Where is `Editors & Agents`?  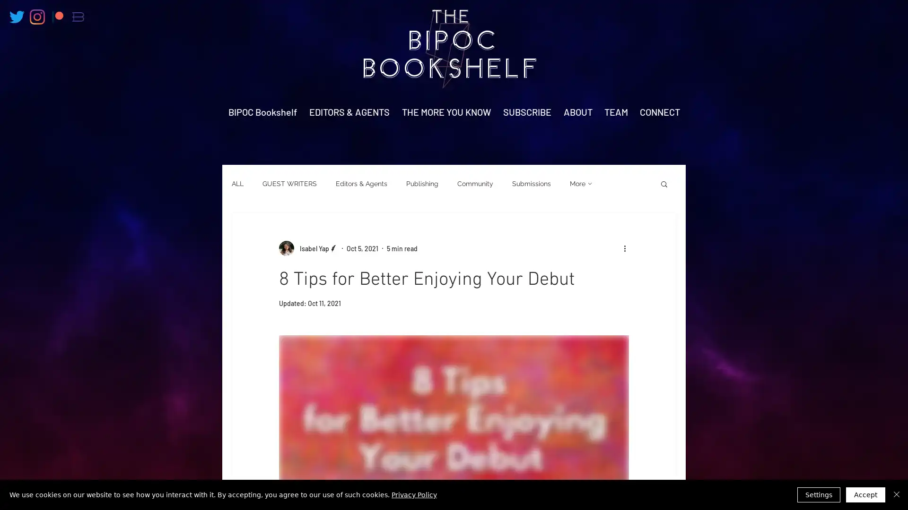
Editors & Agents is located at coordinates (361, 184).